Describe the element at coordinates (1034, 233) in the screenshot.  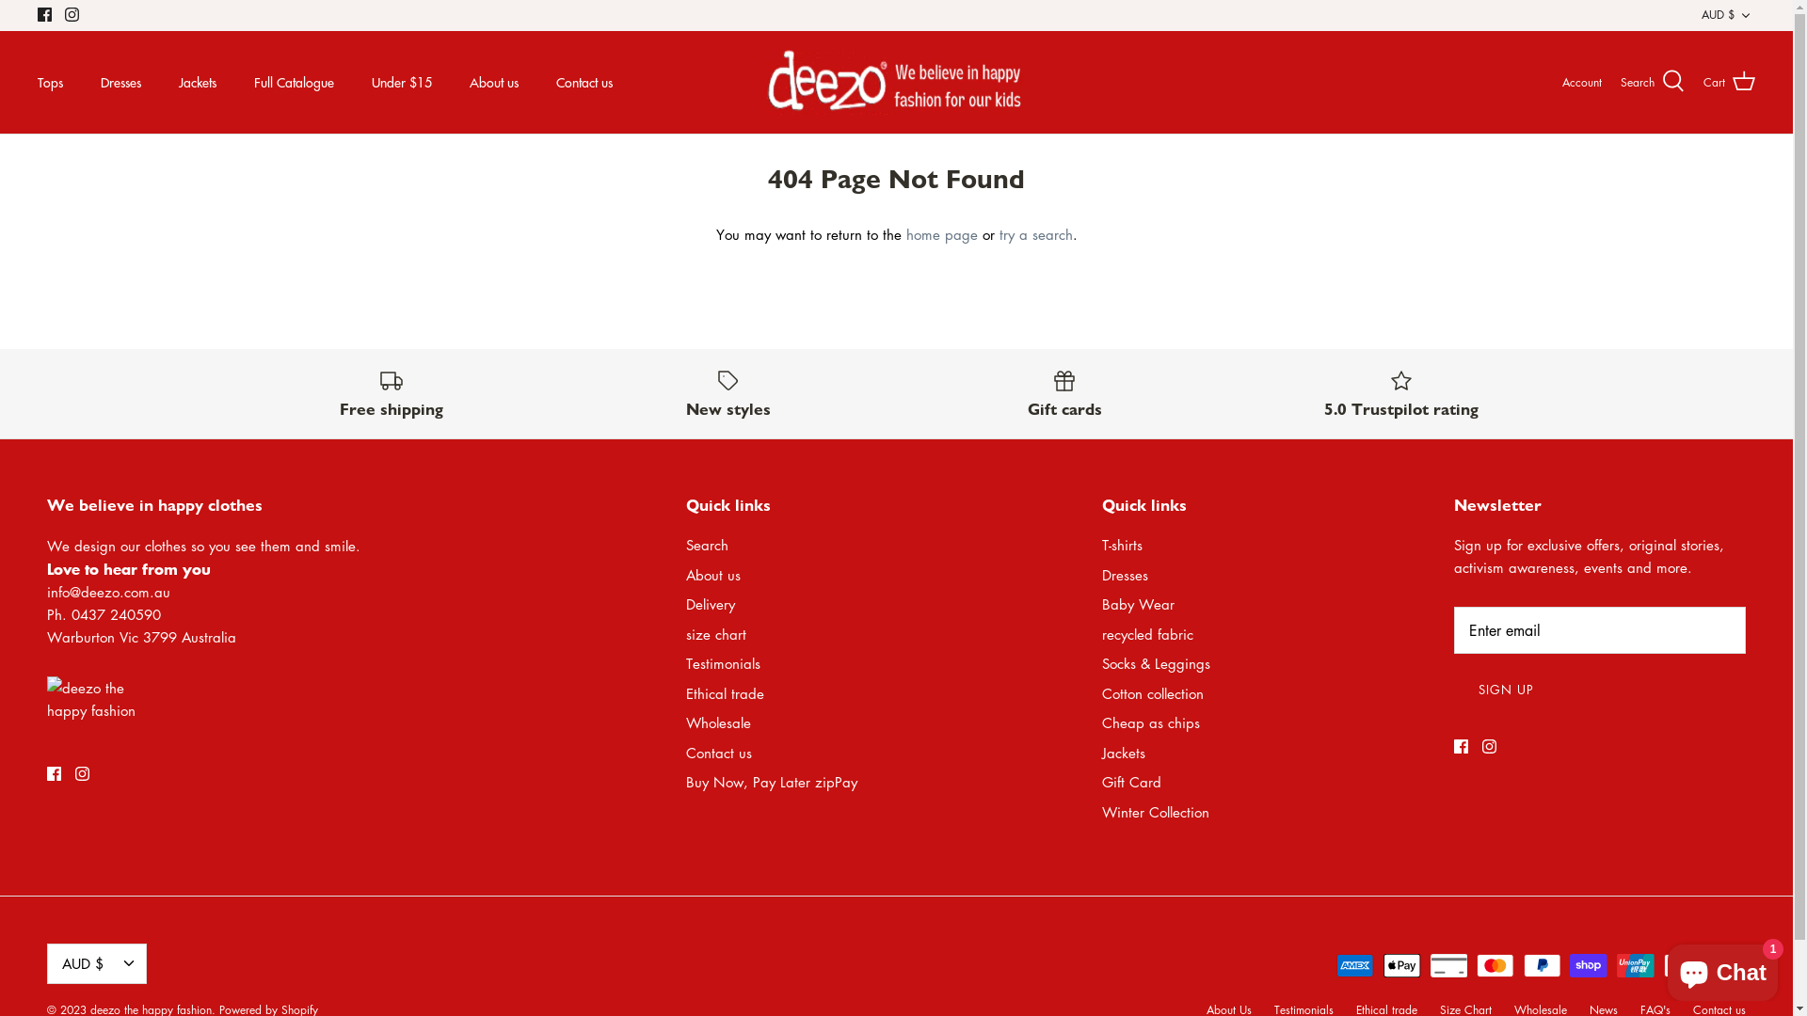
I see `'try a search'` at that location.